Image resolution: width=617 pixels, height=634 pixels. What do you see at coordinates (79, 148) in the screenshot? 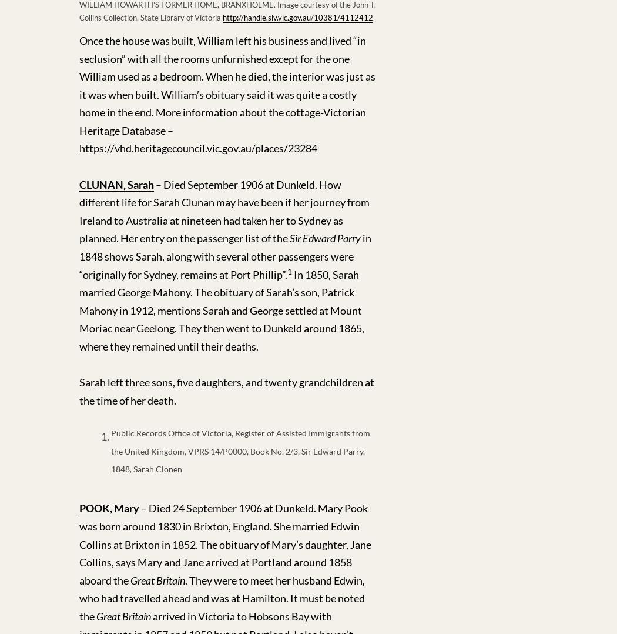
I see `'https://vhd.heritagecouncil.vic.gov.au/places/23284'` at bounding box center [79, 148].